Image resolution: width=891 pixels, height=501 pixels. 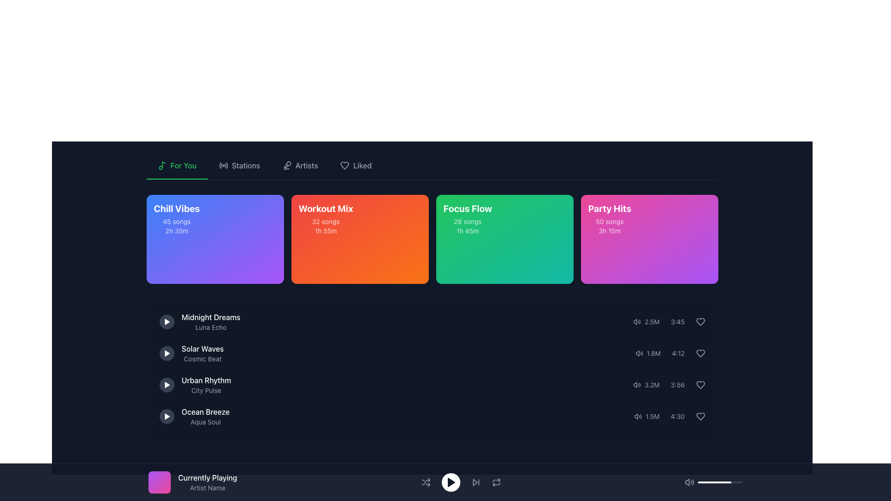 I want to click on the play button located to the left of the text 'Midnight Dreams', so click(x=167, y=321).